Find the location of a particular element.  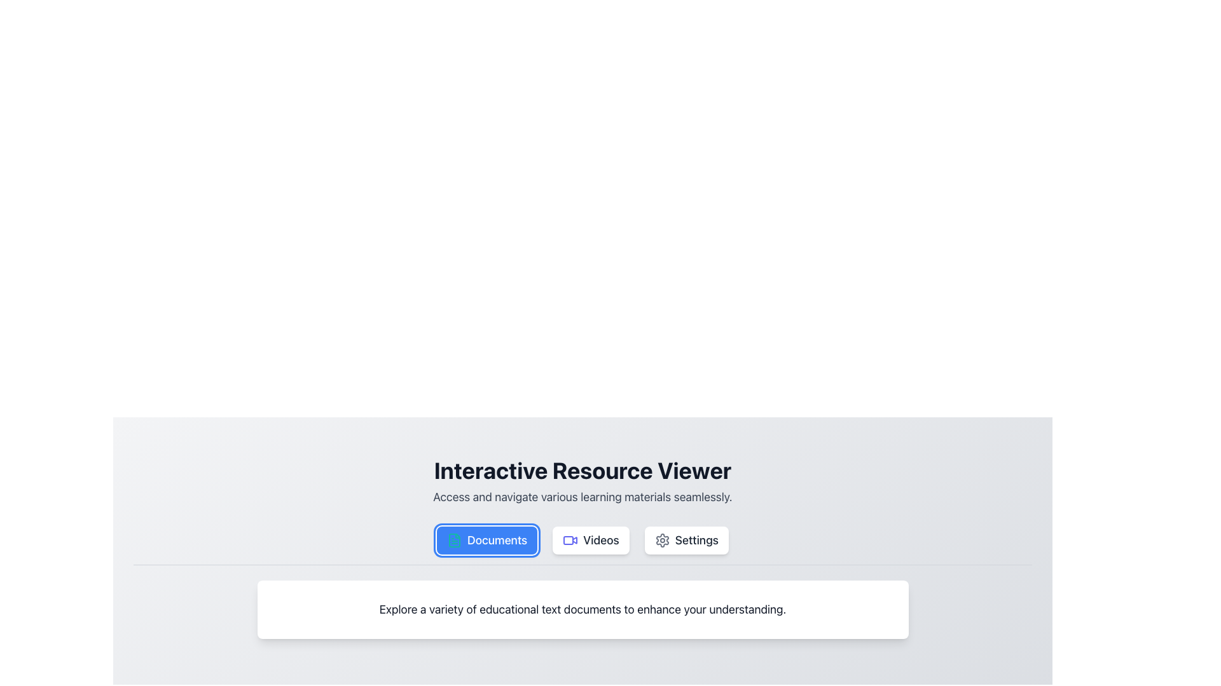

the 'Videos' button which contains a modern video camera icon is located at coordinates (570, 541).